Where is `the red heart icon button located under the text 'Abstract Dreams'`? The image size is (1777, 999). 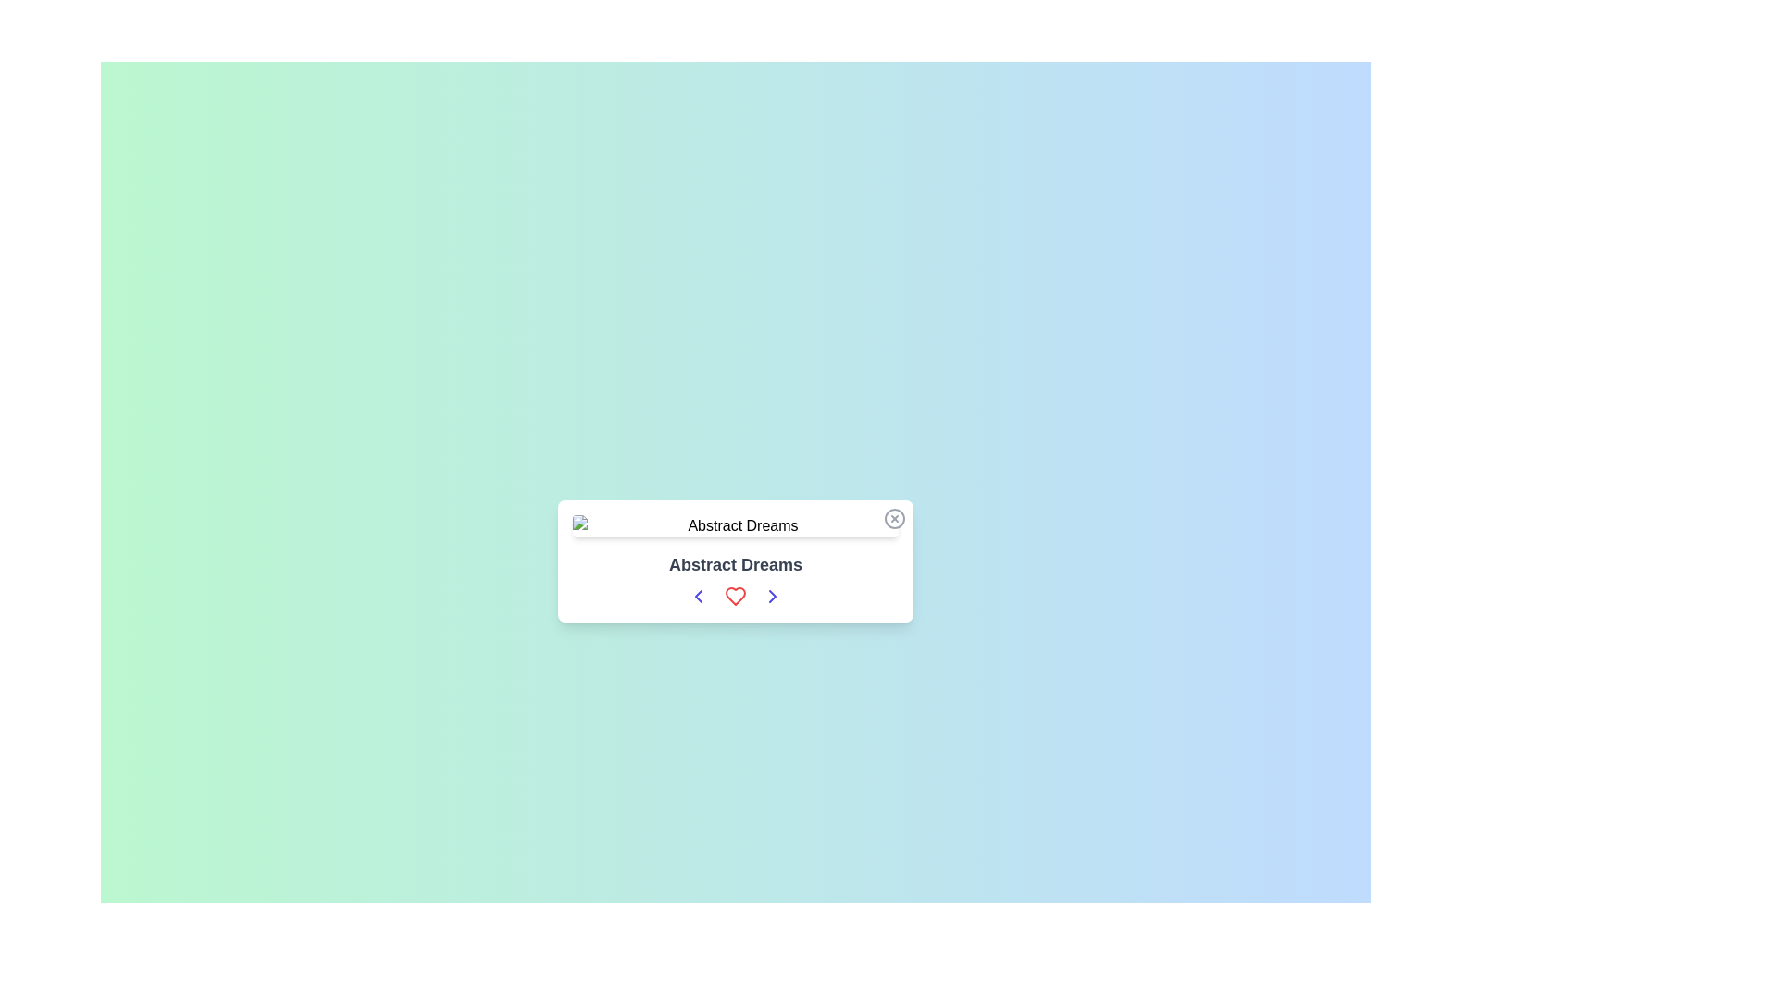 the red heart icon button located under the text 'Abstract Dreams' is located at coordinates (735, 596).